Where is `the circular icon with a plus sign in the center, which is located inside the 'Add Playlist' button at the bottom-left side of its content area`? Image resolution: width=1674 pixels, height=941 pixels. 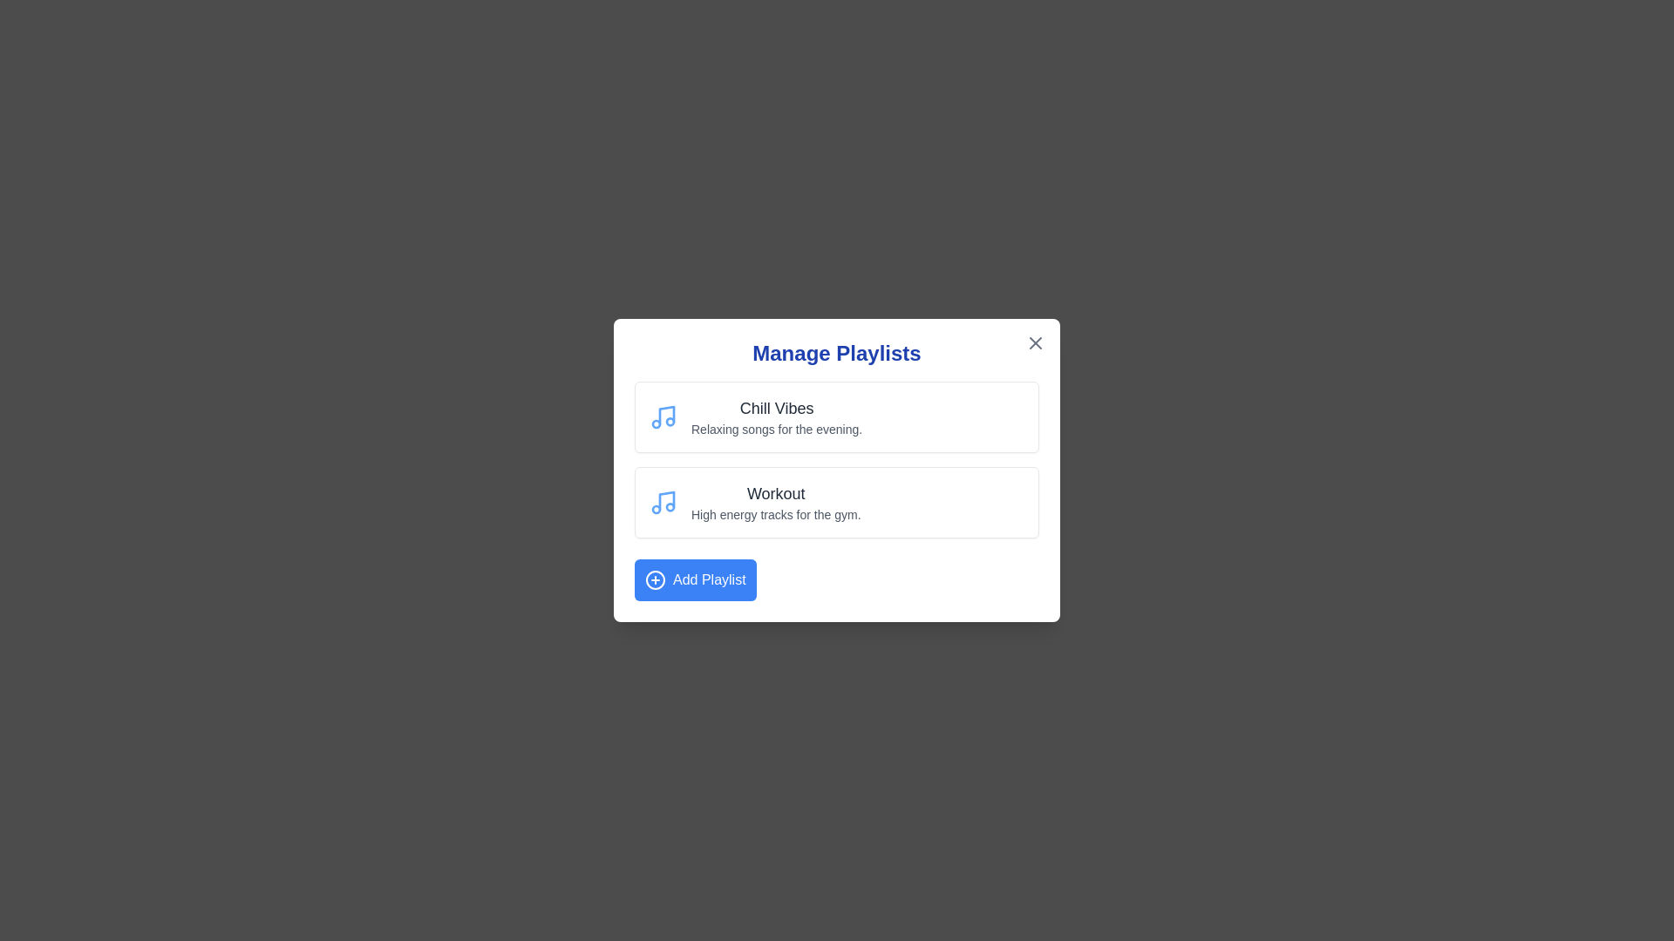
the circular icon with a plus sign in the center, which is located inside the 'Add Playlist' button at the bottom-left side of its content area is located at coordinates (655, 580).